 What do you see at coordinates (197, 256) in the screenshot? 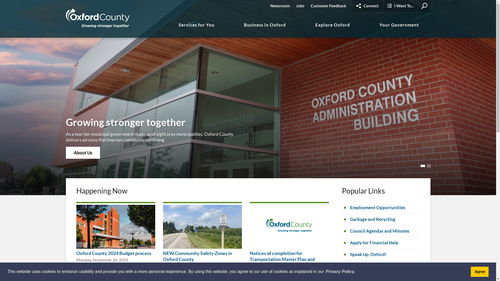
I see `'NEW Community Safety Zones in Oxford County'` at bounding box center [197, 256].